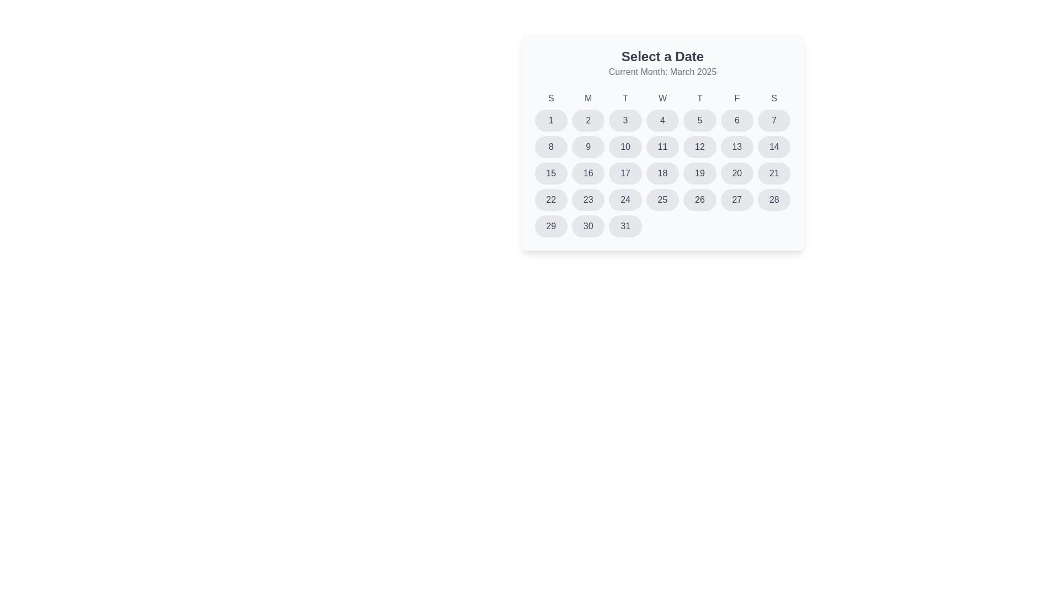 This screenshot has width=1059, height=595. What do you see at coordinates (662, 57) in the screenshot?
I see `the text heading element at the top of the calendar interface, which provides contextual information about the calendar` at bounding box center [662, 57].